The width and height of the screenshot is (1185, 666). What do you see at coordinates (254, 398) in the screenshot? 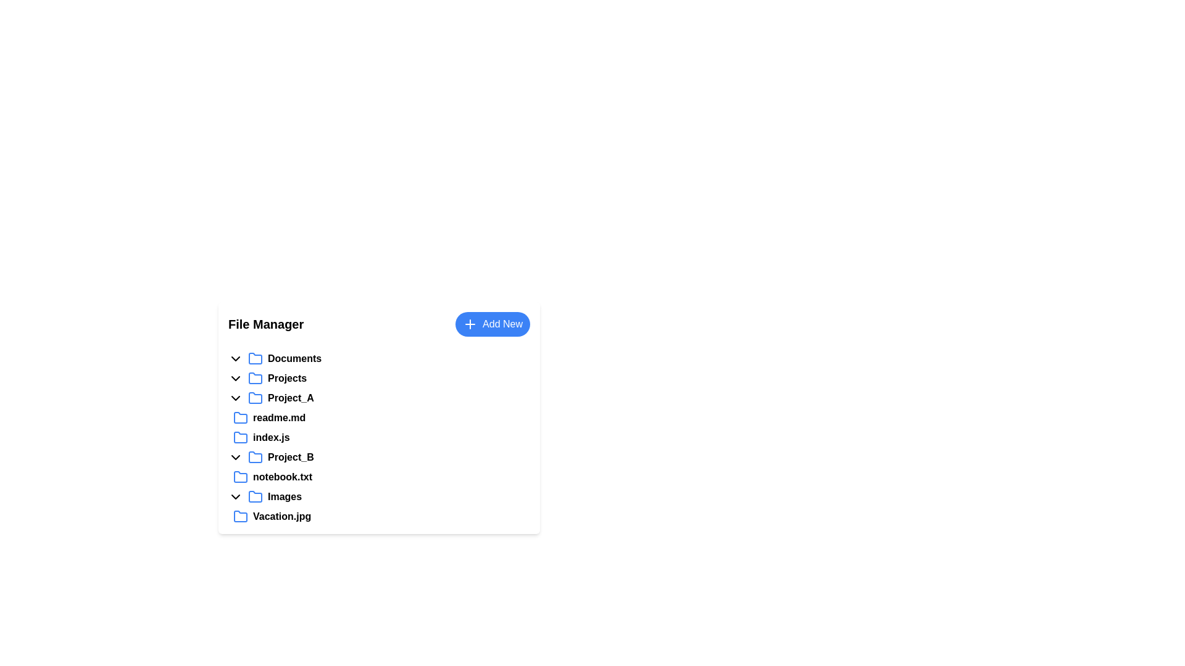
I see `the details of the blue folder icon located next to the label 'Project_A' in the interactive file list` at bounding box center [254, 398].